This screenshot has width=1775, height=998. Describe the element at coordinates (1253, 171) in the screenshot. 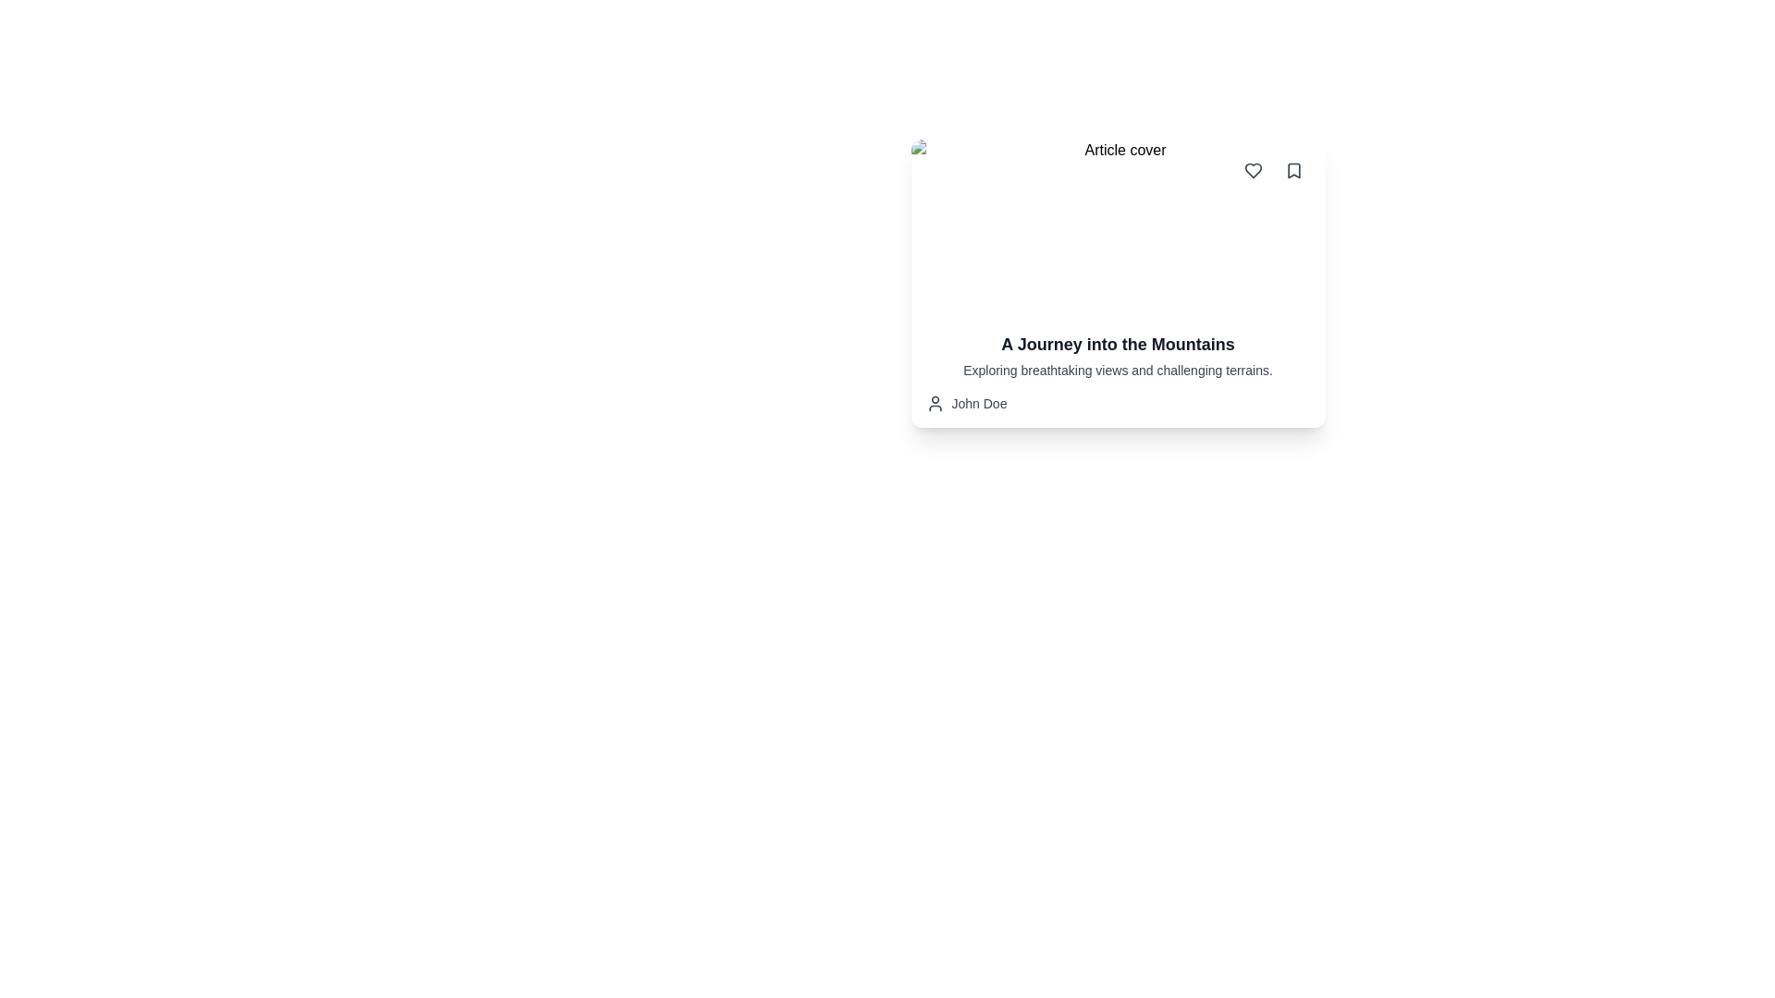

I see `the leftmost circular button in the top-right cluster of the card component` at that location.